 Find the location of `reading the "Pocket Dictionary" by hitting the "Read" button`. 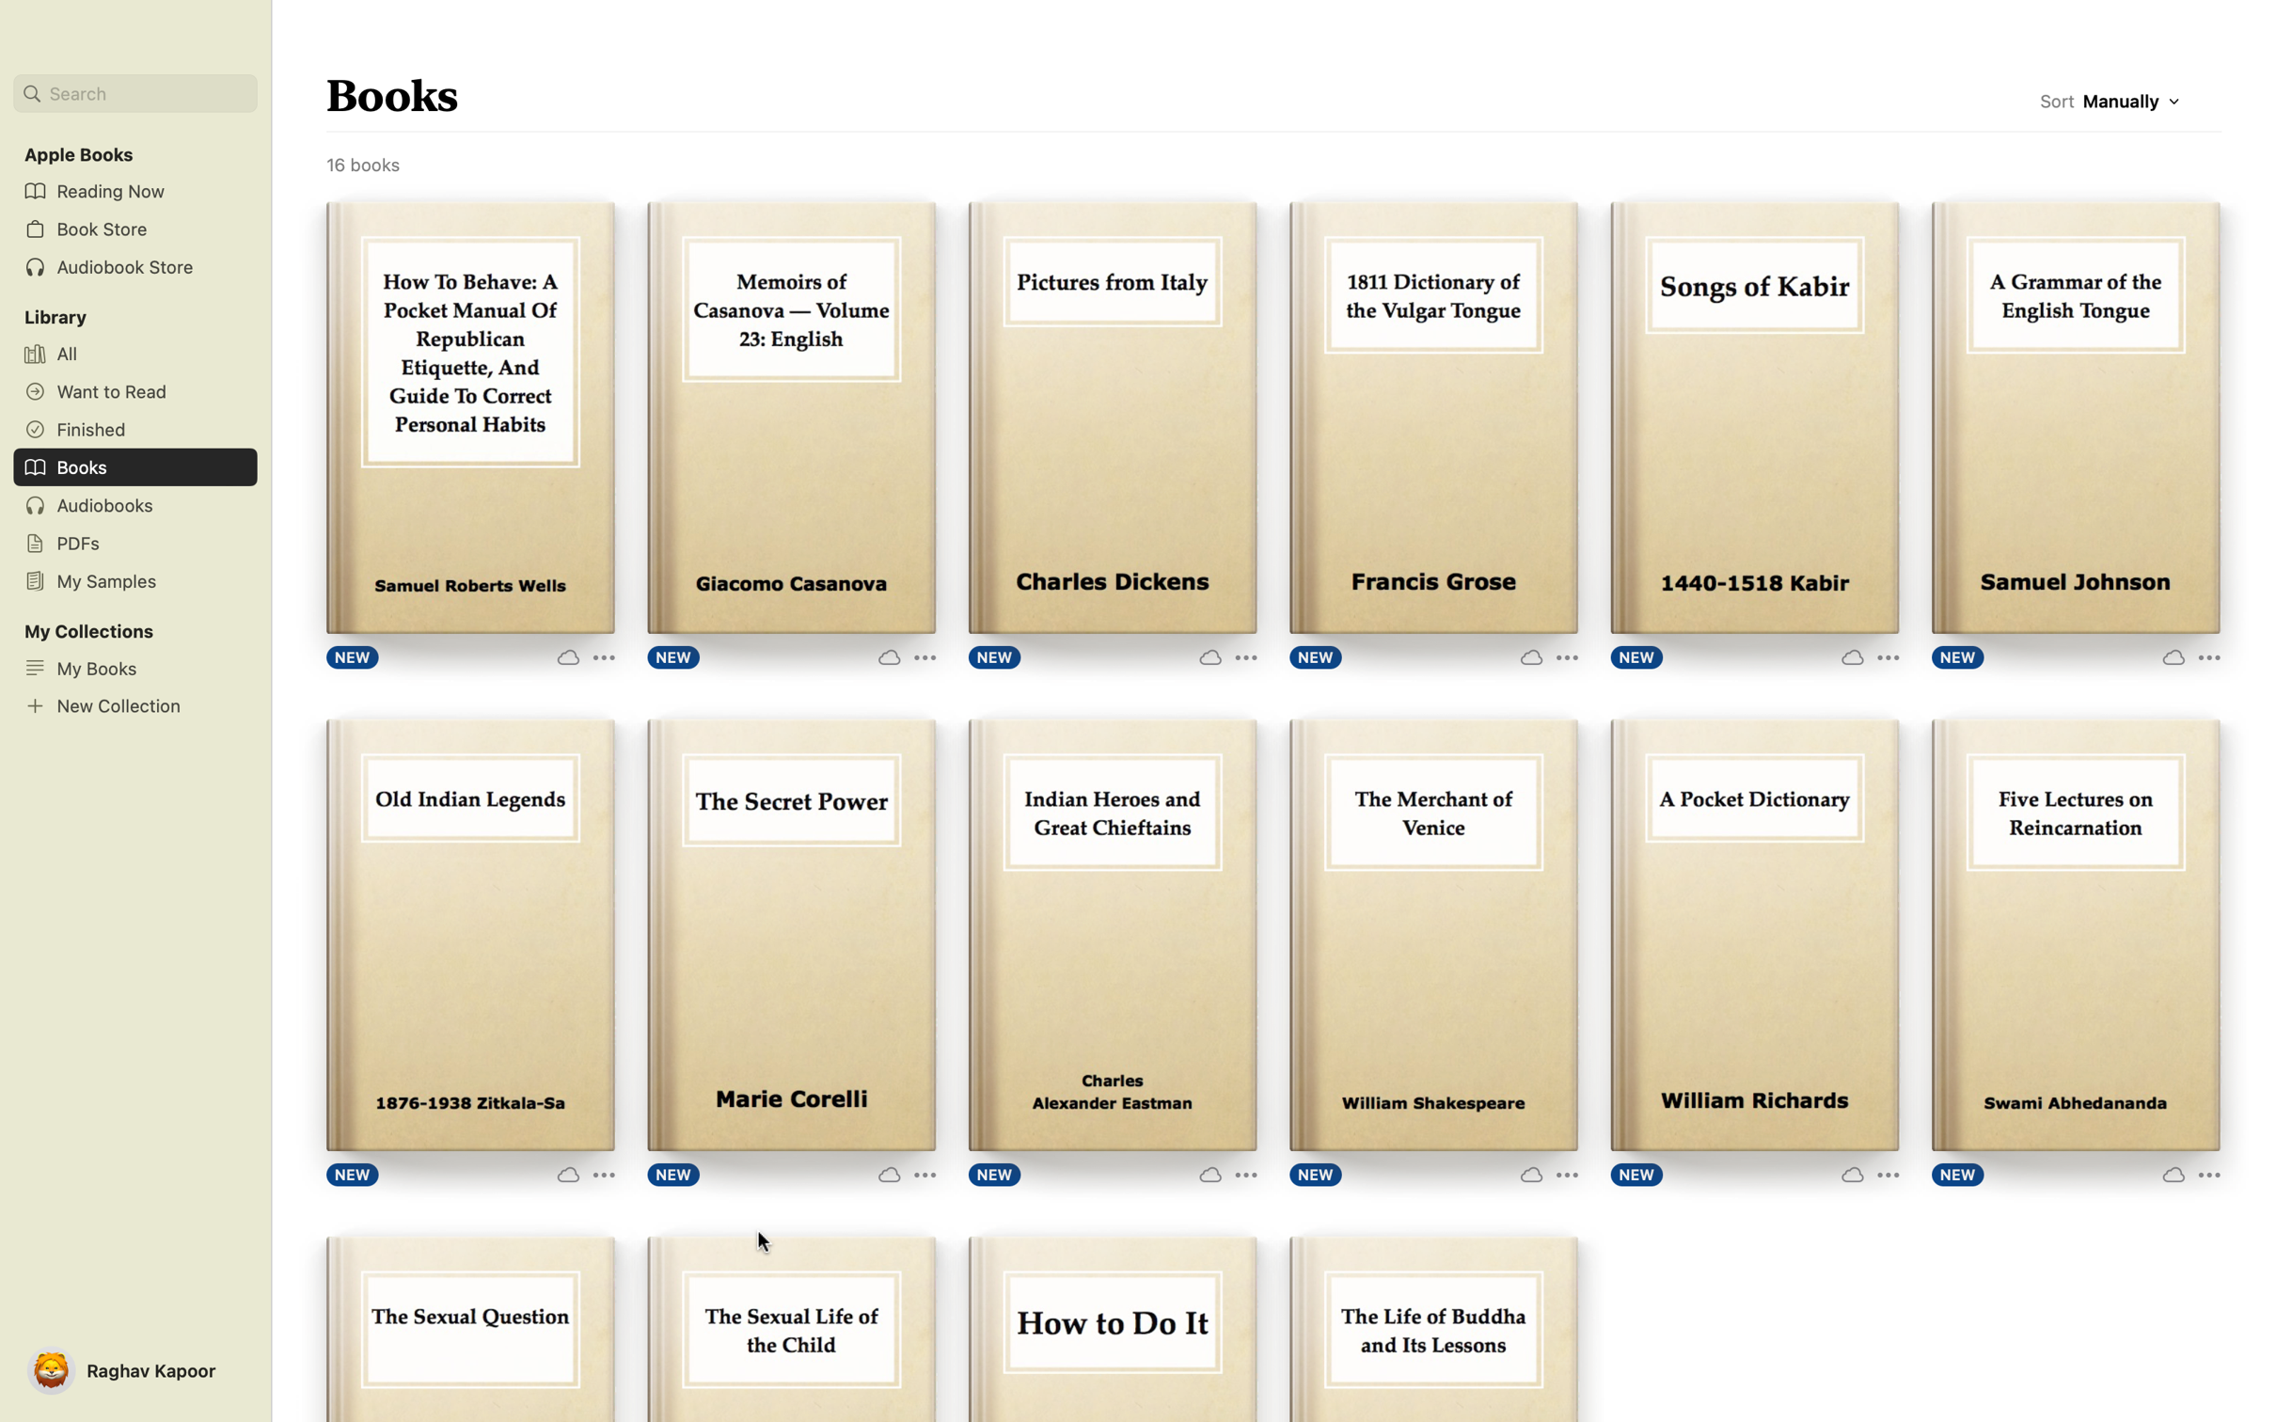

reading the "Pocket Dictionary" by hitting the "Read" button is located at coordinates (1754, 932).